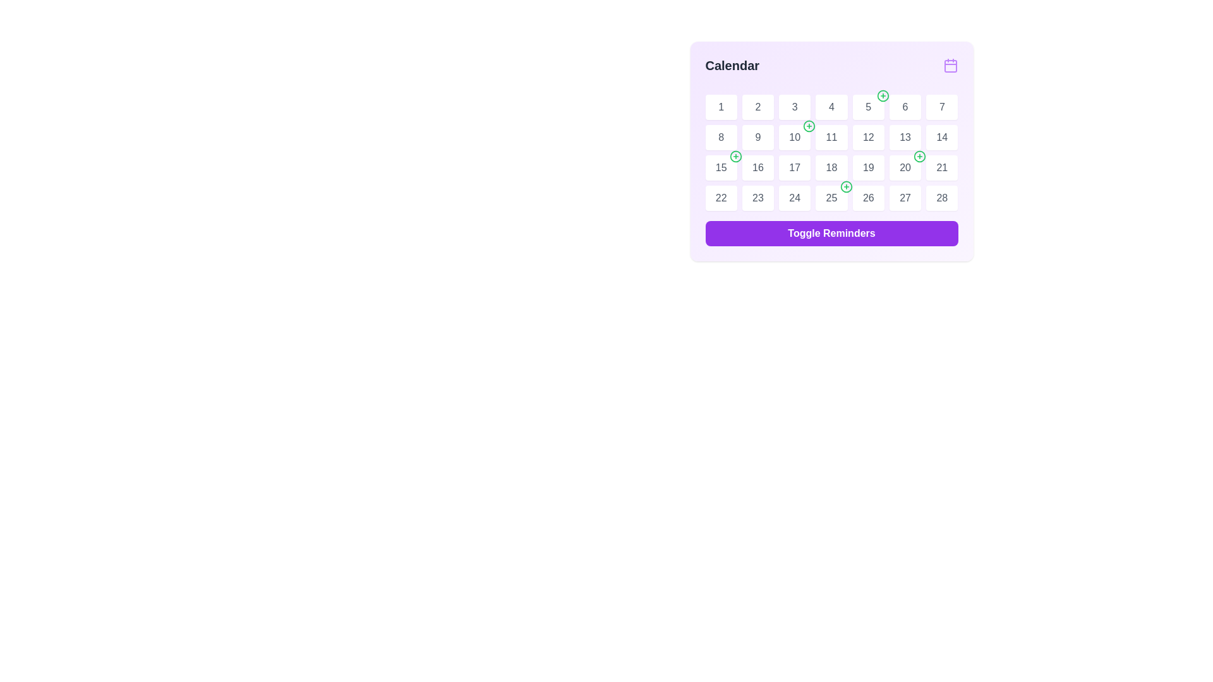 This screenshot has width=1213, height=682. What do you see at coordinates (905, 137) in the screenshot?
I see `date displayed in the Text component representing the 13th day of the month in the calendar layout` at bounding box center [905, 137].